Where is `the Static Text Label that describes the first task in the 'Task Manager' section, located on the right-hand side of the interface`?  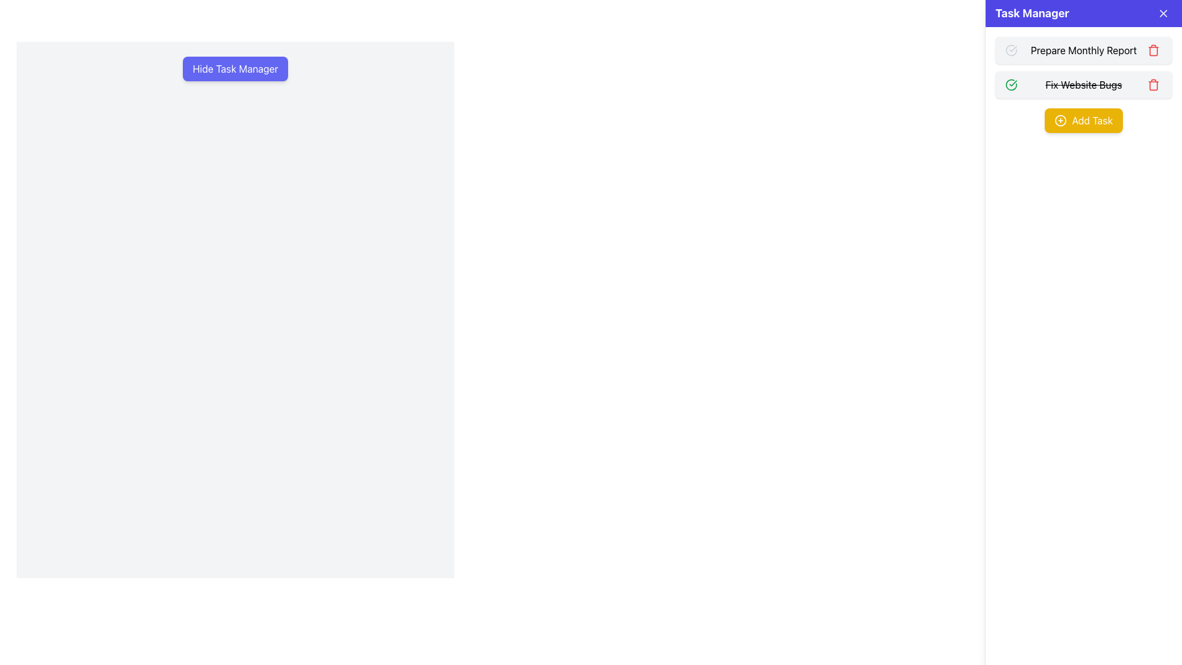
the Static Text Label that describes the first task in the 'Task Manager' section, located on the right-hand side of the interface is located at coordinates (1083, 49).